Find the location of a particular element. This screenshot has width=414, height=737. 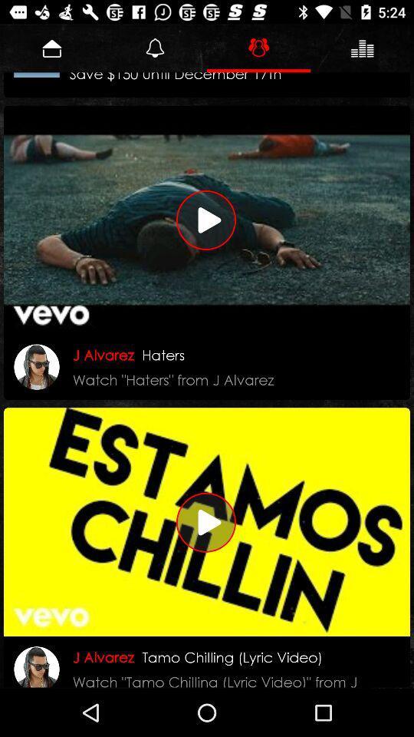

video is located at coordinates (207, 522).